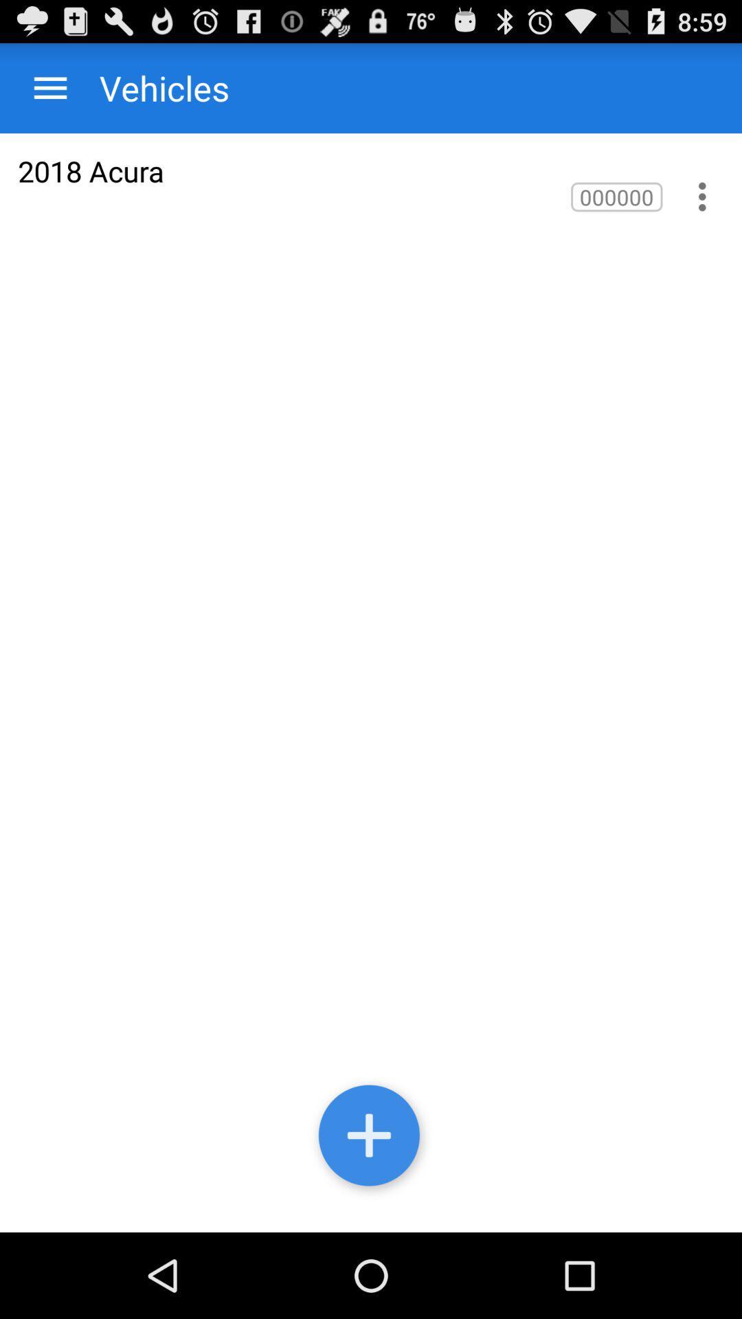 The image size is (742, 1319). What do you see at coordinates (702, 196) in the screenshot?
I see `options` at bounding box center [702, 196].